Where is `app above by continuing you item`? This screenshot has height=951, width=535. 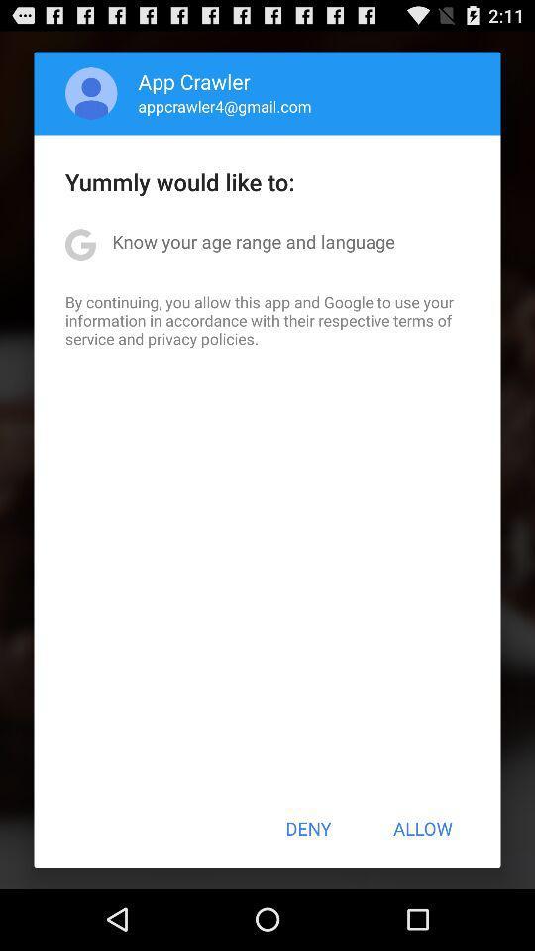
app above by continuing you item is located at coordinates (254, 240).